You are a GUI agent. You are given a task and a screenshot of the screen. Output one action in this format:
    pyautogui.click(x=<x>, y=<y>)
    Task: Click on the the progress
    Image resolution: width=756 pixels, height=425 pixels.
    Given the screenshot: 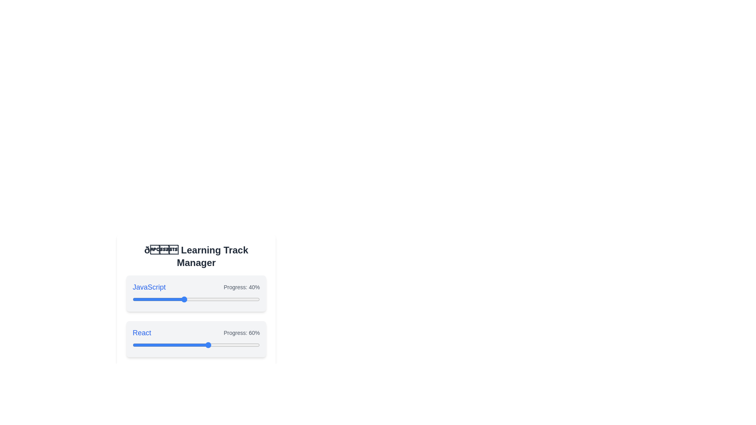 What is the action you would take?
    pyautogui.click(x=137, y=344)
    